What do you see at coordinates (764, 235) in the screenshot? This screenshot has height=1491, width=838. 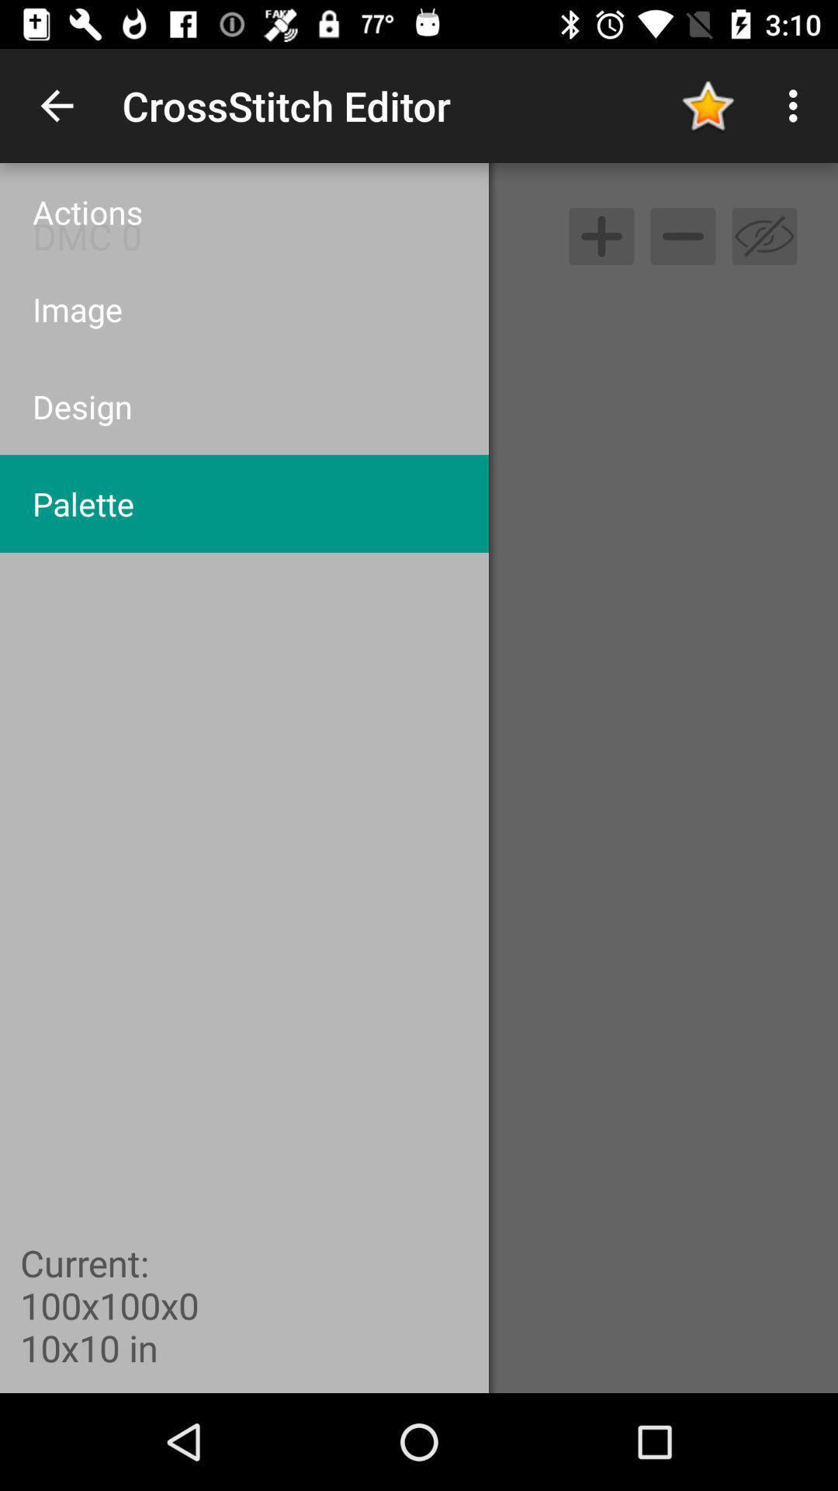 I see `the visibility icon` at bounding box center [764, 235].